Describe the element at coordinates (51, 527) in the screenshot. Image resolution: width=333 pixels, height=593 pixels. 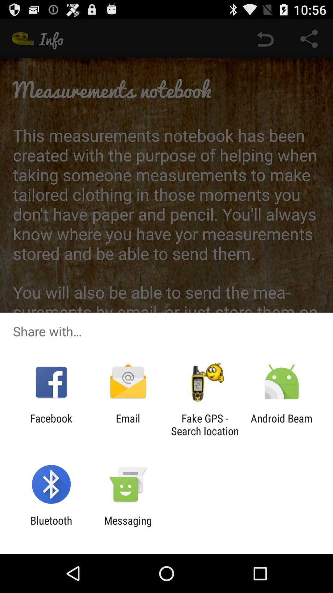
I see `the bluetooth icon` at that location.